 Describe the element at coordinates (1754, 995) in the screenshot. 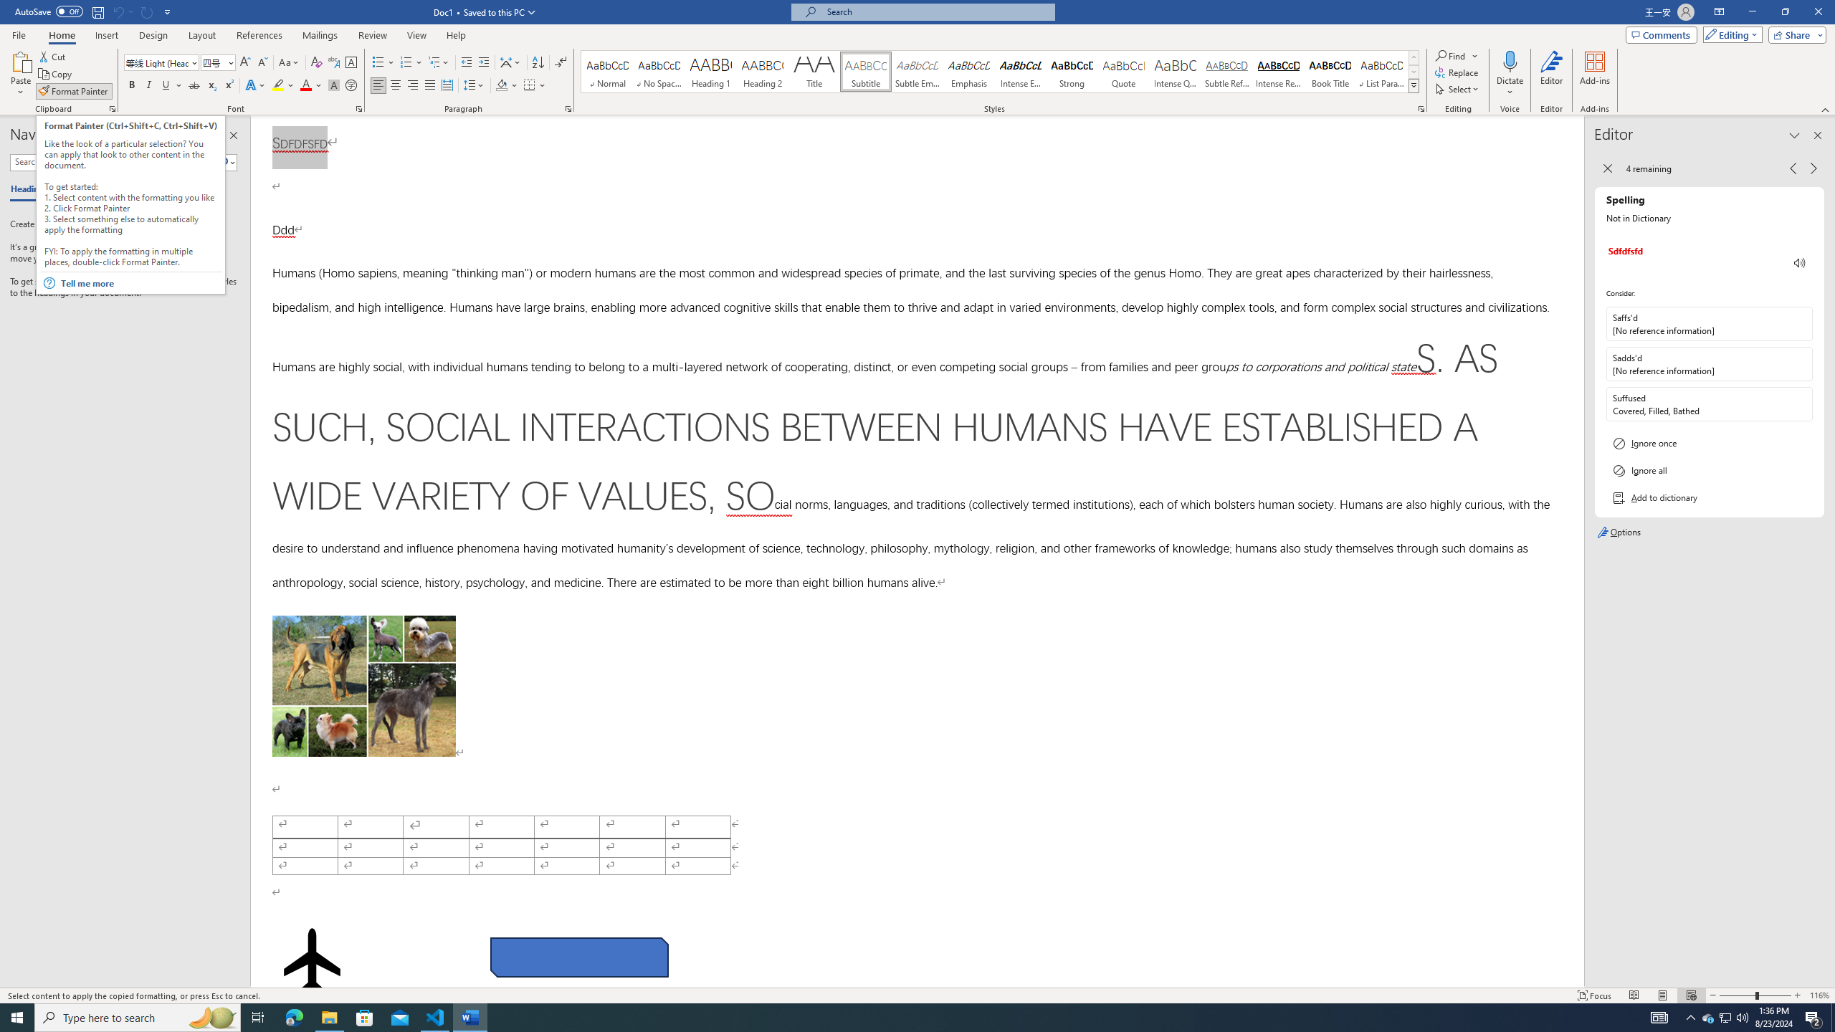

I see `'Zoom'` at that location.